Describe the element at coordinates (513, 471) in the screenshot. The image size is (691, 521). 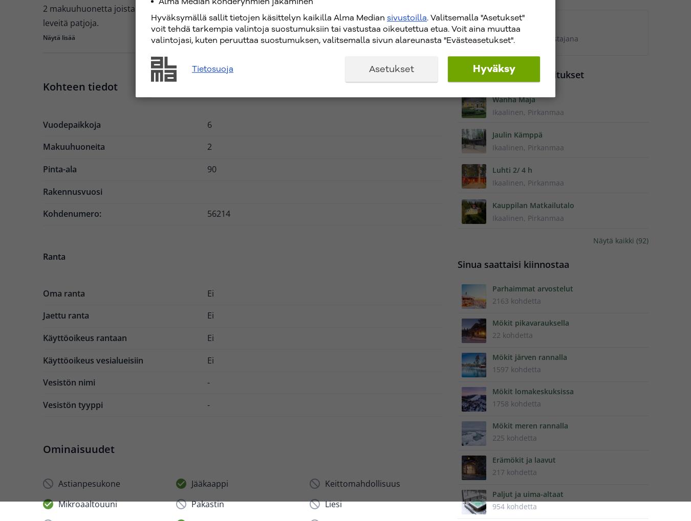
I see `'217 kohdetta'` at that location.